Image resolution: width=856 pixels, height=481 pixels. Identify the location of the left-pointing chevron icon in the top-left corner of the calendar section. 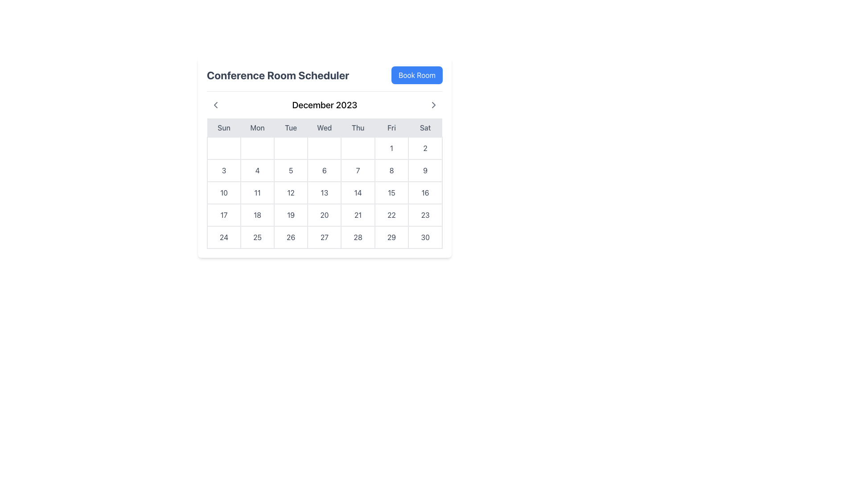
(216, 104).